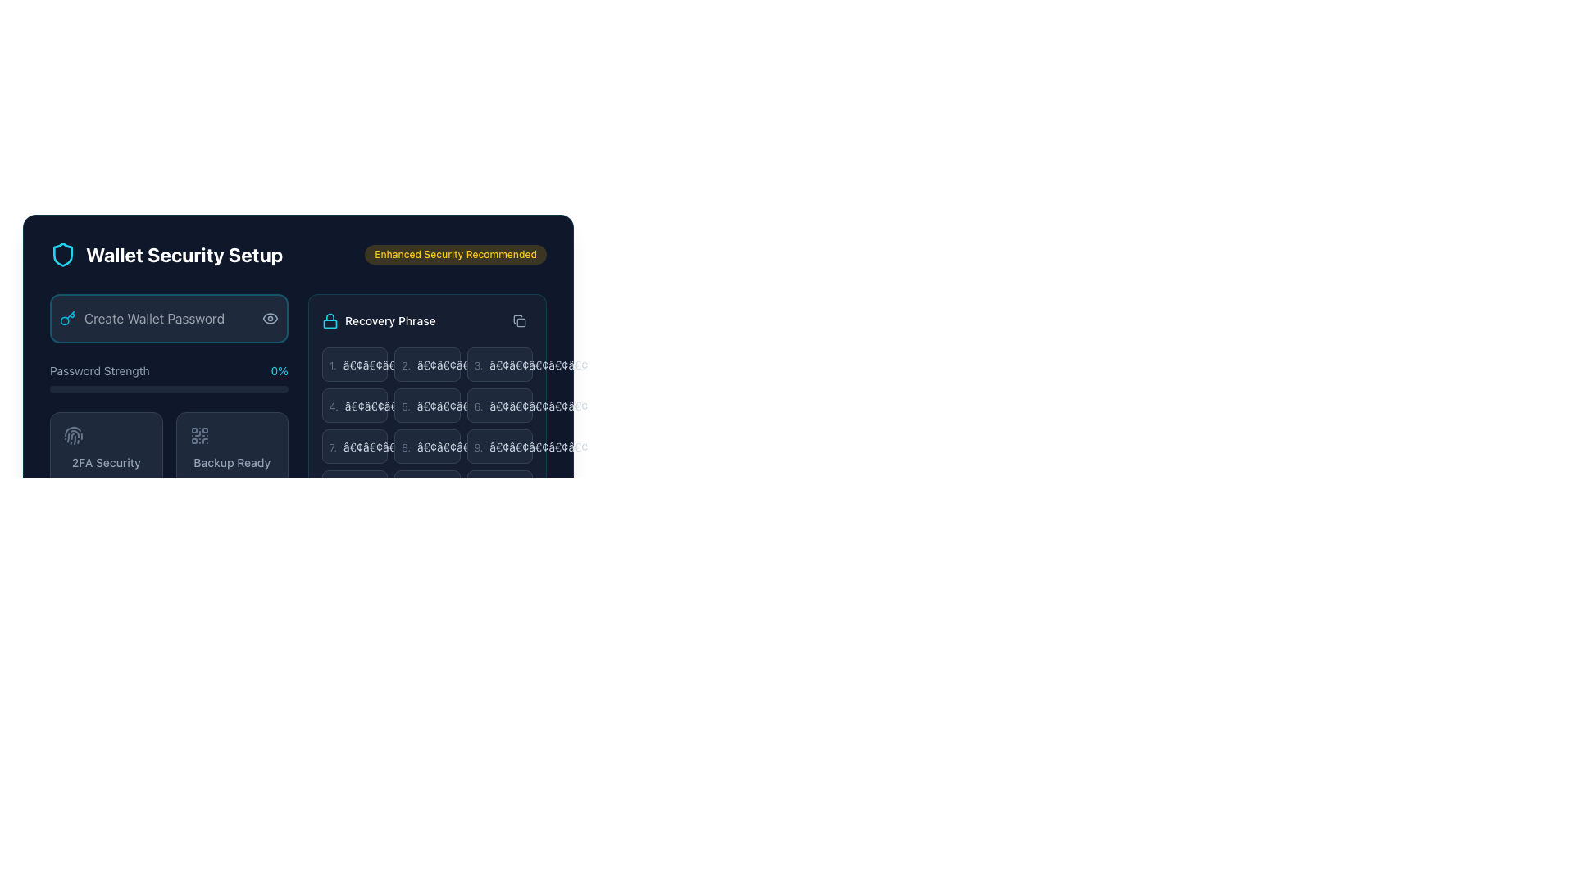 The width and height of the screenshot is (1574, 885). What do you see at coordinates (184, 255) in the screenshot?
I see `the text label or header that indicates wallet security, which is centrally positioned beside a shield icon` at bounding box center [184, 255].